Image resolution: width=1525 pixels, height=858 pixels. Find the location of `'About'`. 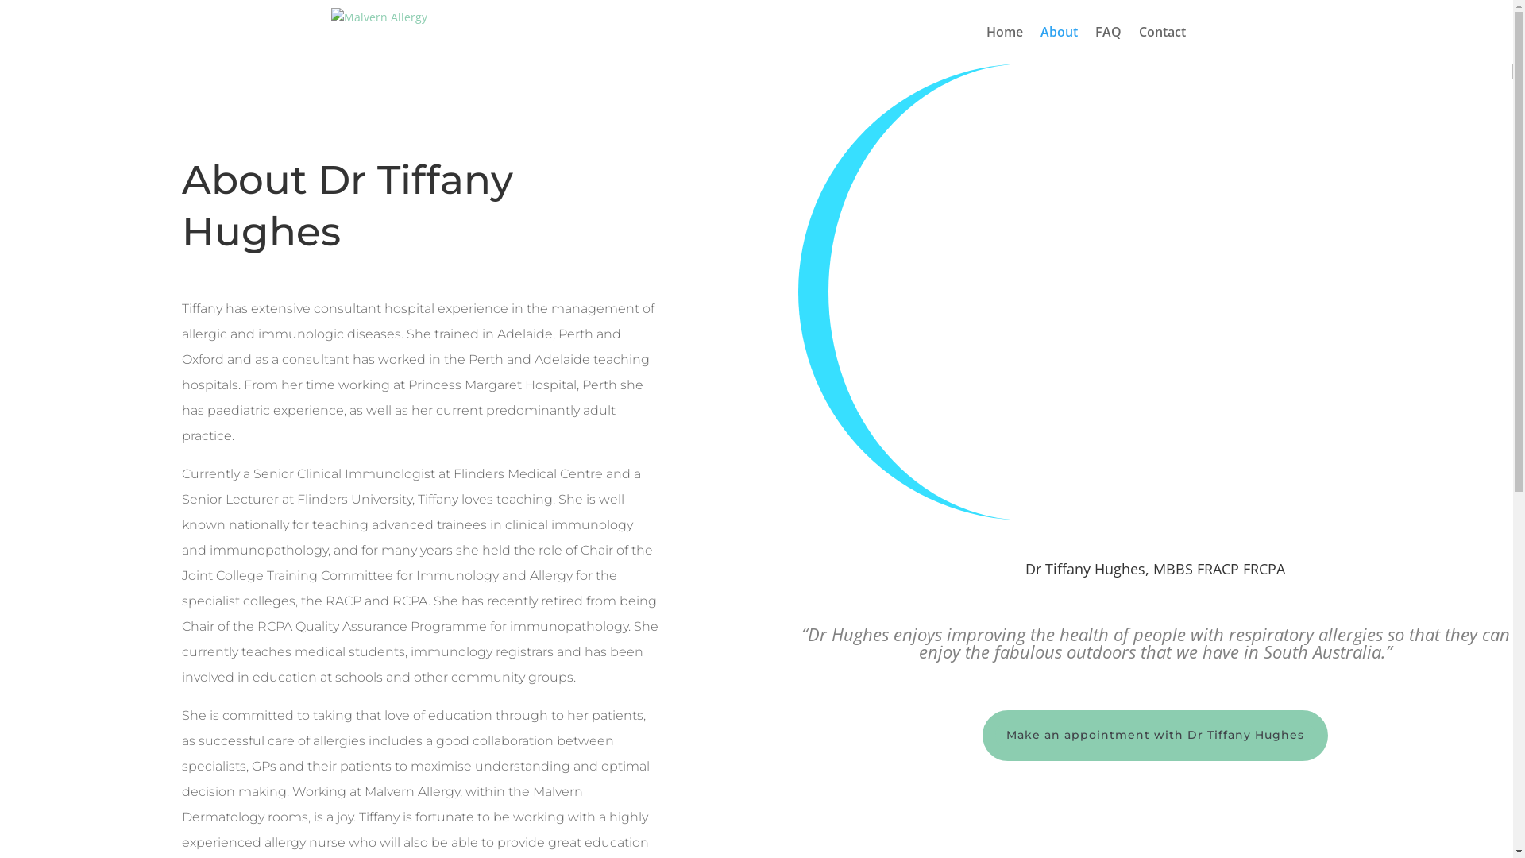

'About' is located at coordinates (1059, 44).